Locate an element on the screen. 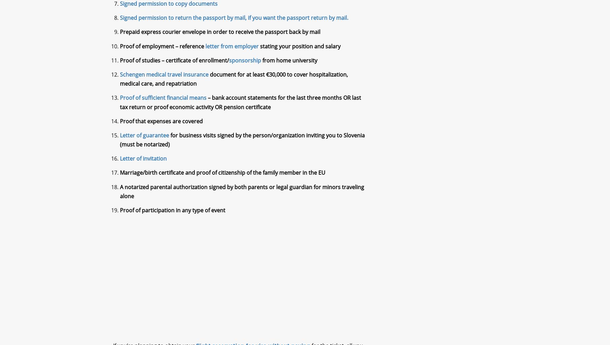 This screenshot has height=345, width=610. 'Prepaid express courier envelope in order to receive the passport back by mail' is located at coordinates (220, 37).